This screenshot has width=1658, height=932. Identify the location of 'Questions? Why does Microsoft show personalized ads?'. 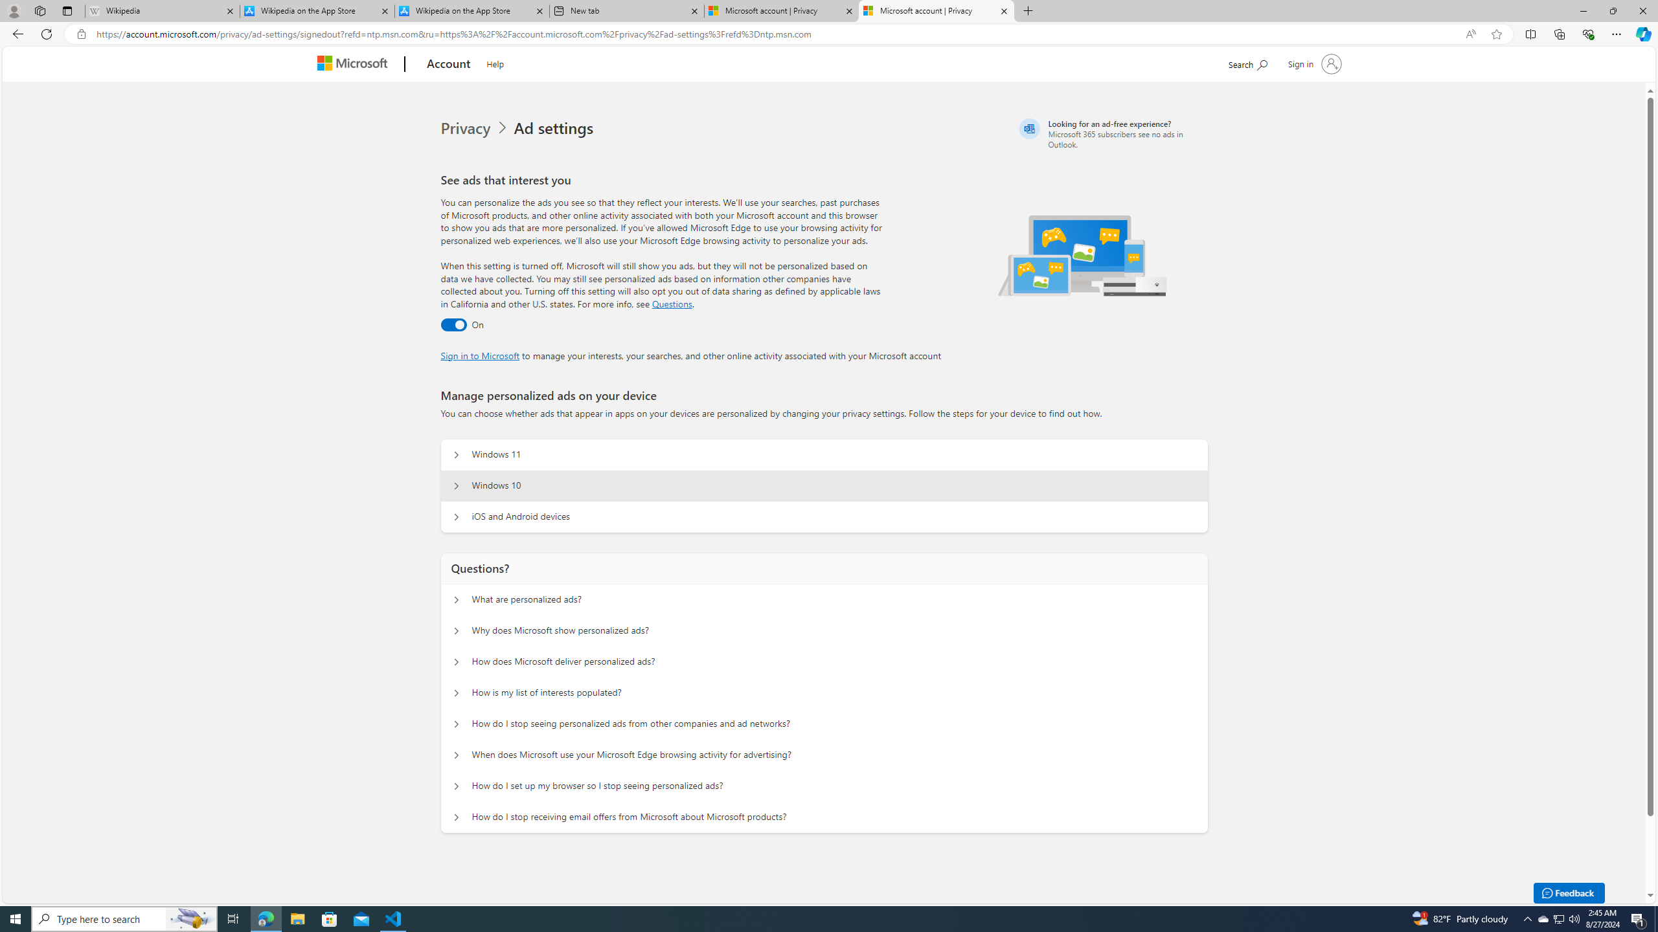
(457, 630).